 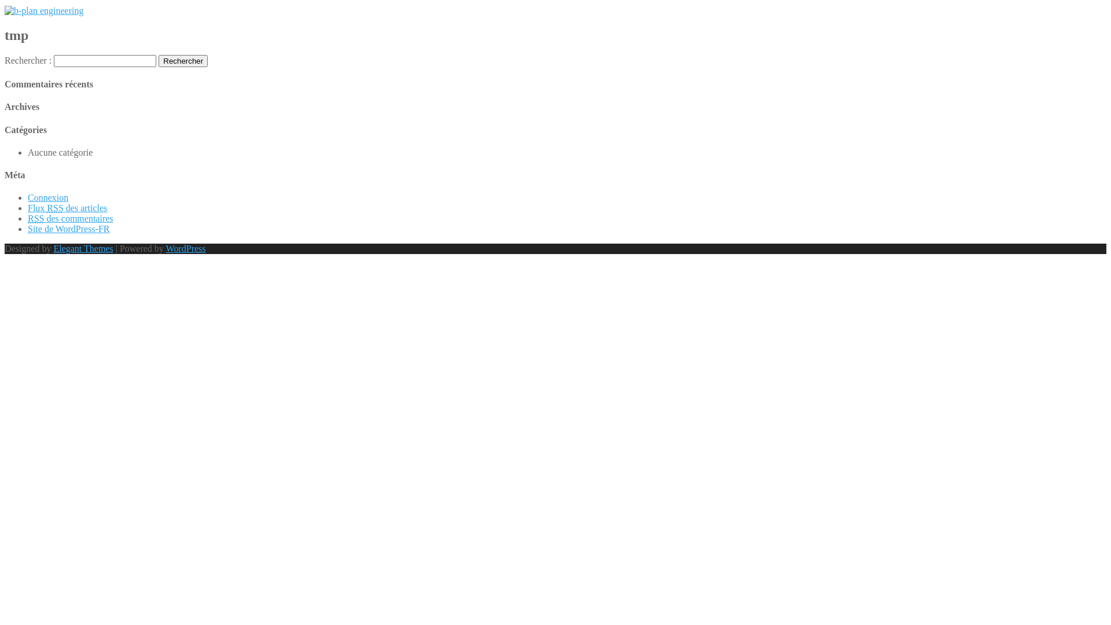 I want to click on 'Rechercher', so click(x=157, y=61).